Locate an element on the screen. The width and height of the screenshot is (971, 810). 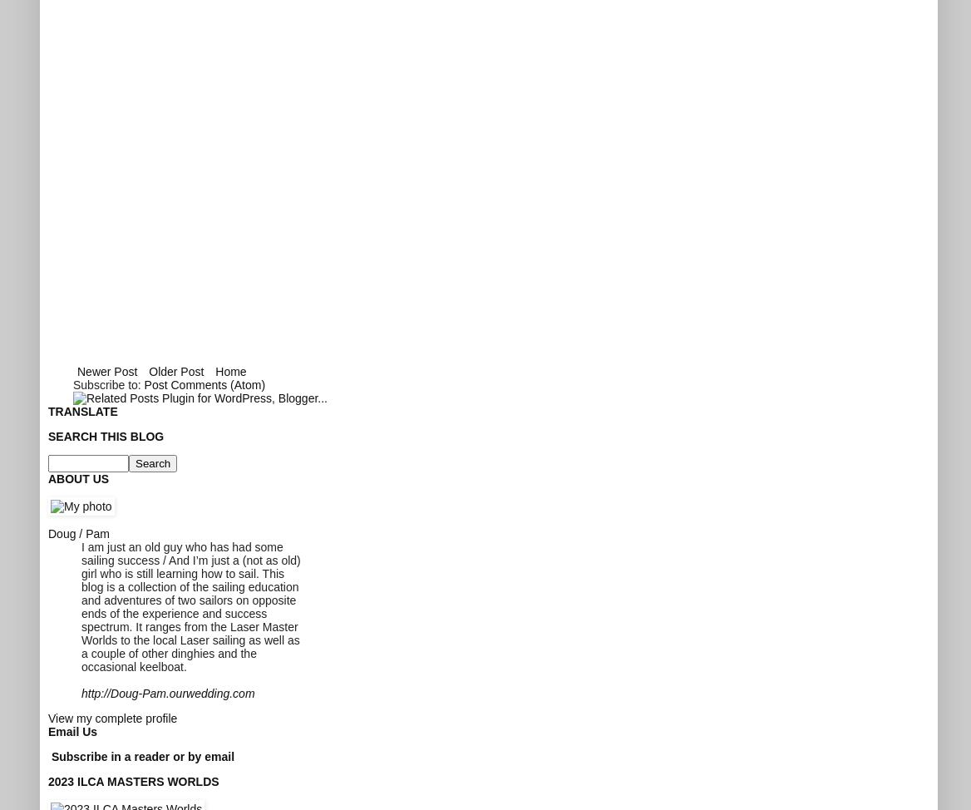
'2023 ILCA Masters Worlds' is located at coordinates (133, 780).